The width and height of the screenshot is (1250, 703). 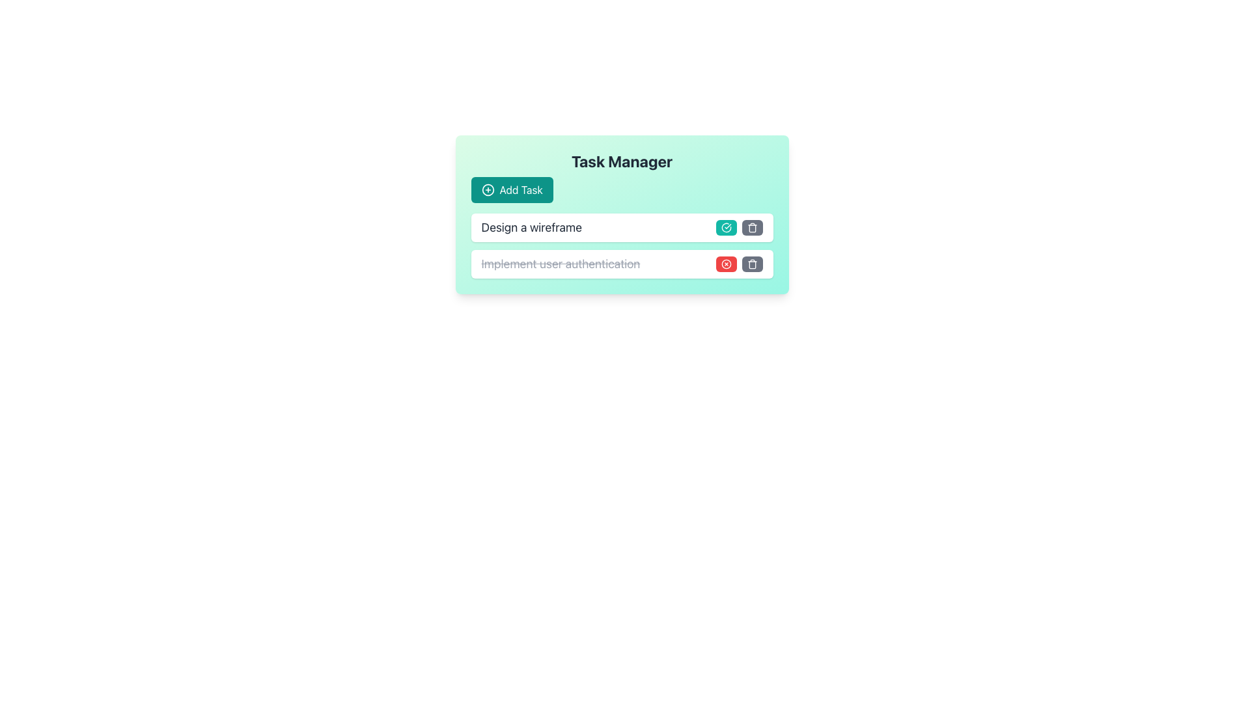 What do you see at coordinates (621, 160) in the screenshot?
I see `the header text element which serves as a title for the task management component` at bounding box center [621, 160].